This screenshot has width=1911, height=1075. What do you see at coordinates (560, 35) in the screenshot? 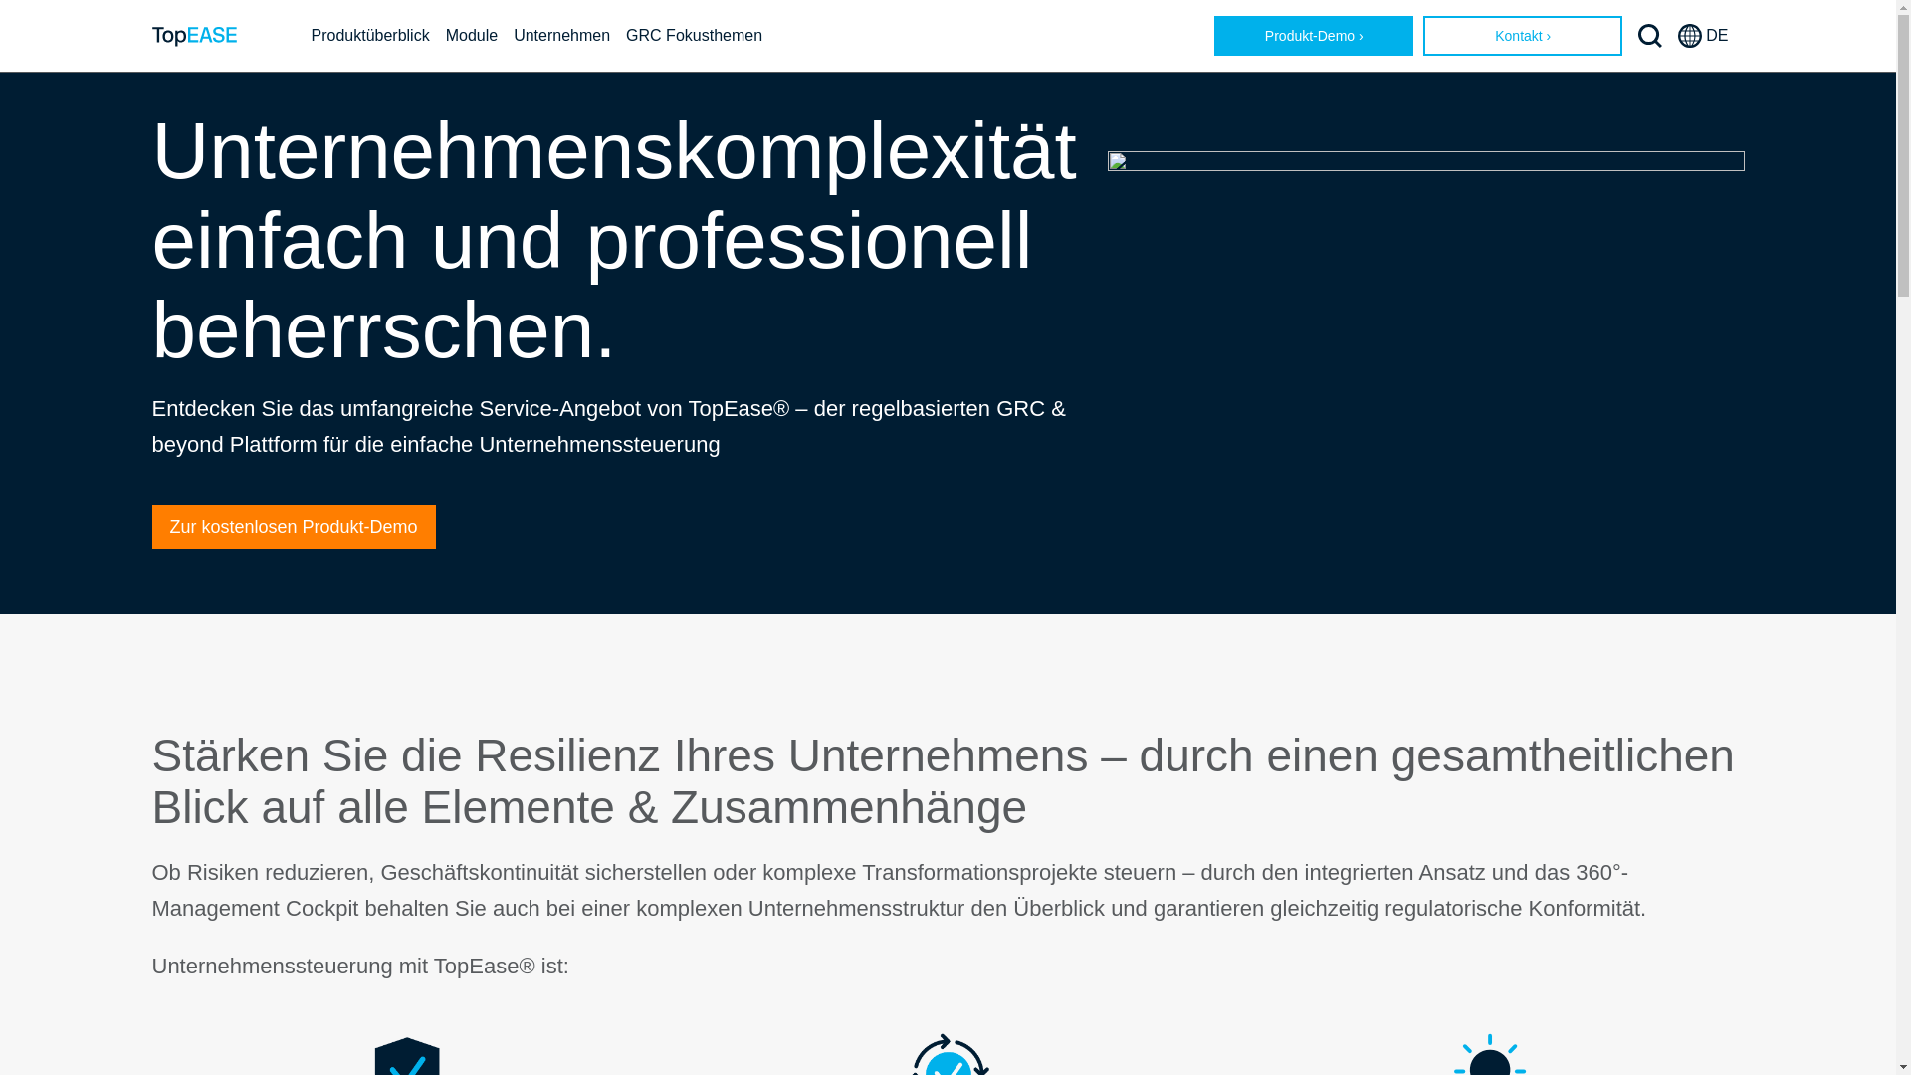
I see `'Unternehmen'` at bounding box center [560, 35].